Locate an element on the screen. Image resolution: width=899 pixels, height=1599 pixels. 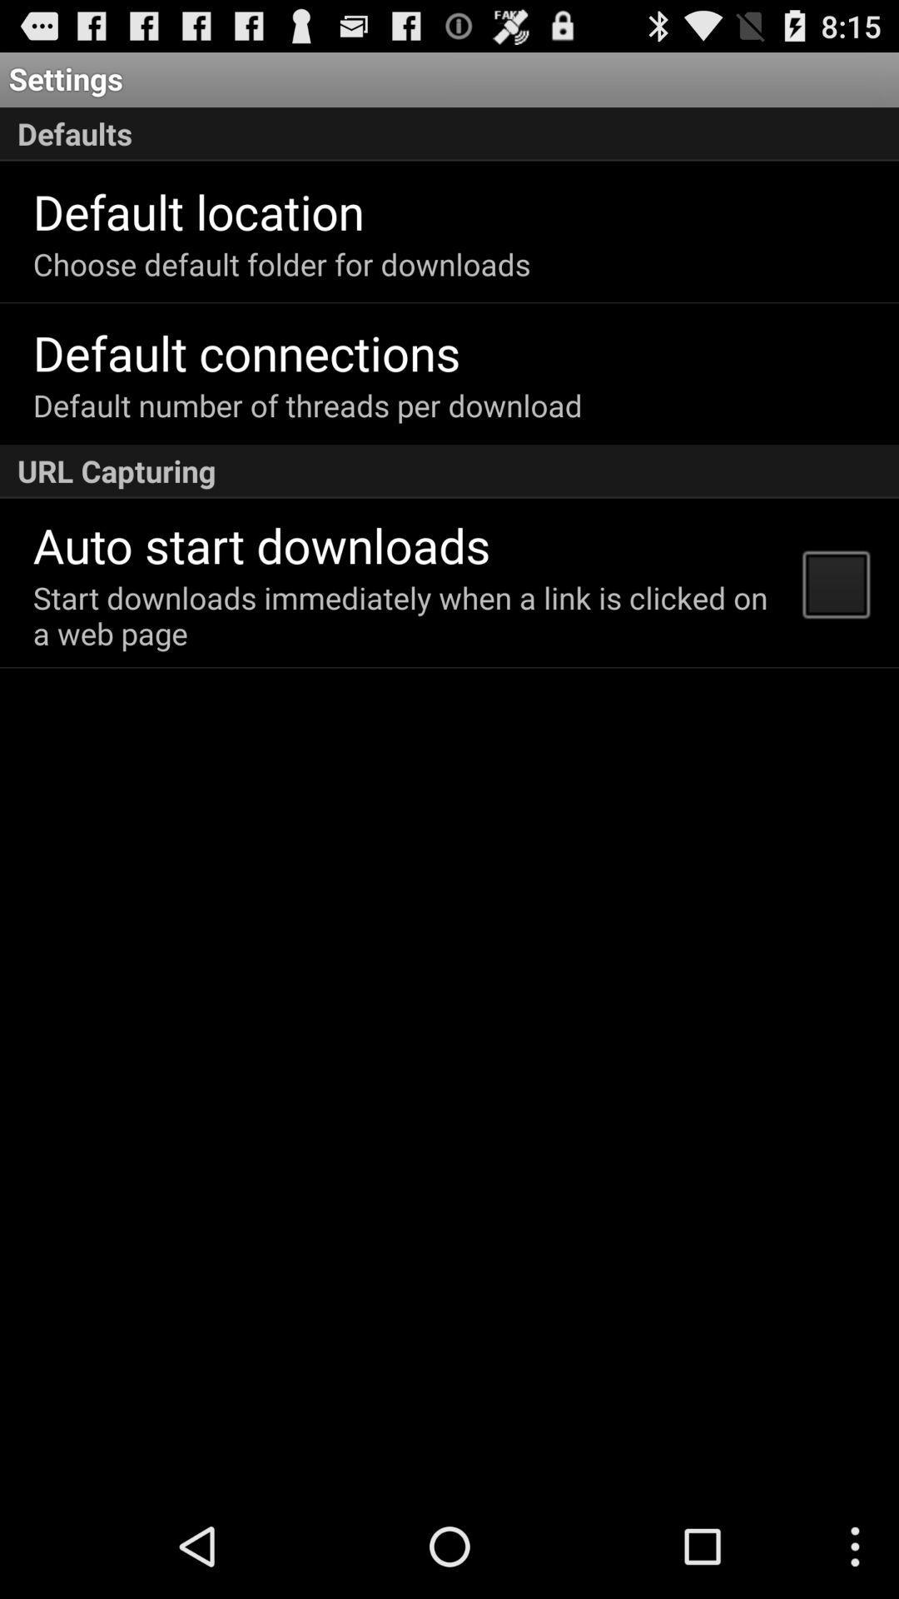
the defaults is located at coordinates (449, 134).